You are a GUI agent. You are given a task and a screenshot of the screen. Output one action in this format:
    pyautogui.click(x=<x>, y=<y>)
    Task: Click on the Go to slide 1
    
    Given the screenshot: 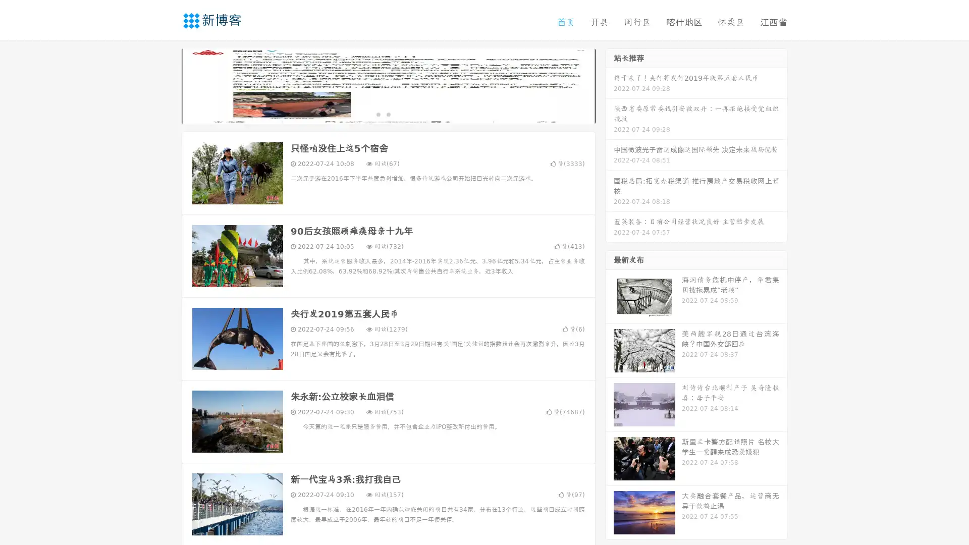 What is the action you would take?
    pyautogui.click(x=378, y=114)
    